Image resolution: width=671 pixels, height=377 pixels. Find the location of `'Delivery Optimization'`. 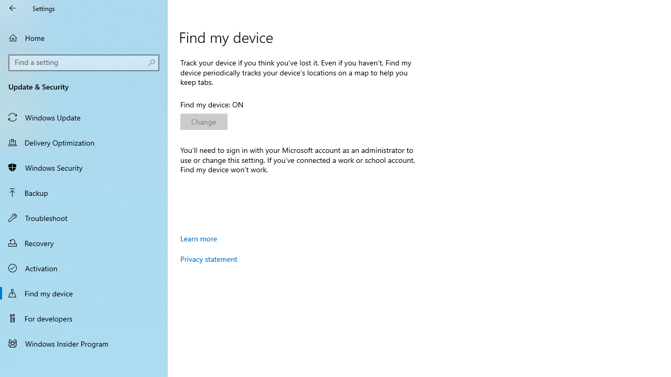

'Delivery Optimization' is located at coordinates (84, 142).